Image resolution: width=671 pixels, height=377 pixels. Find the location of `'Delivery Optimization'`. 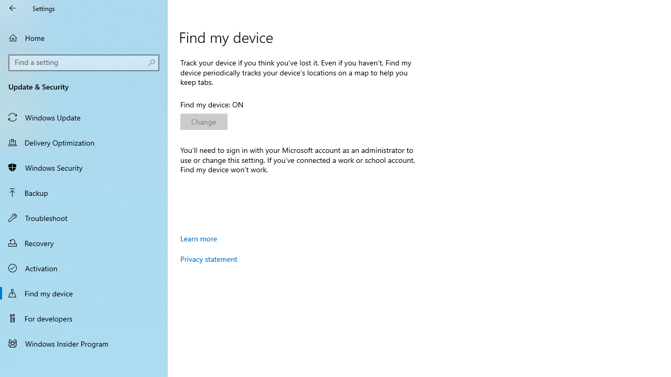

'Delivery Optimization' is located at coordinates (84, 142).